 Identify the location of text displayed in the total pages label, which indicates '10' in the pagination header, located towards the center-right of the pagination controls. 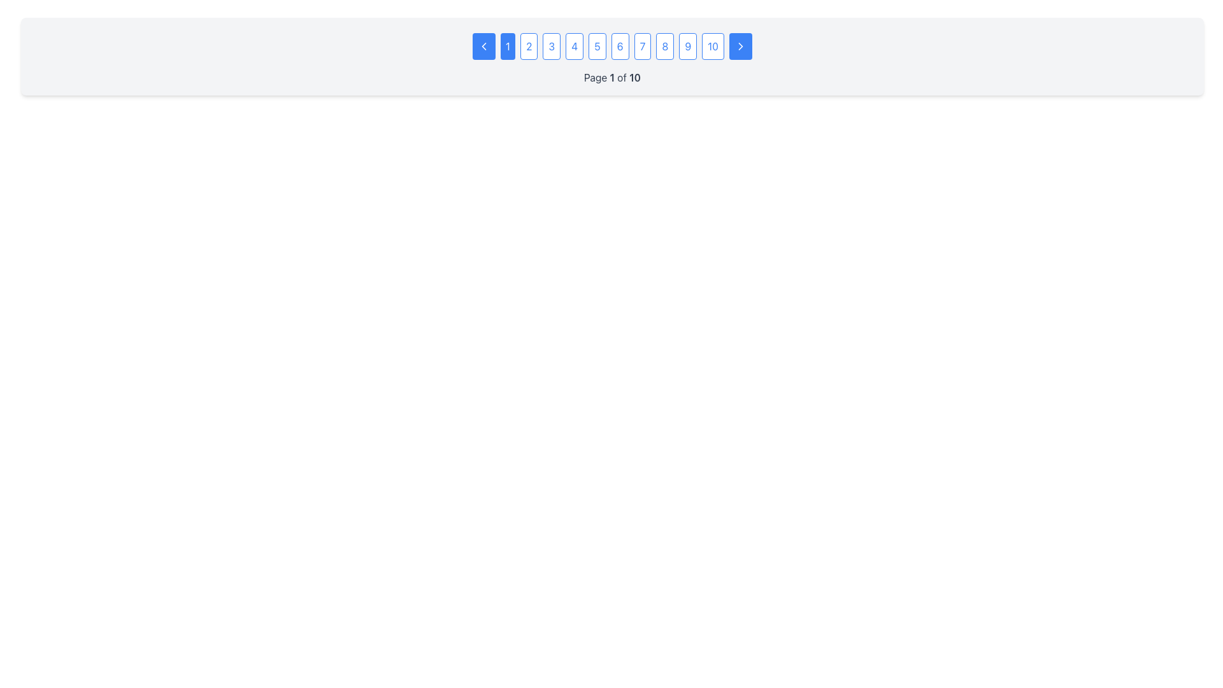
(635, 78).